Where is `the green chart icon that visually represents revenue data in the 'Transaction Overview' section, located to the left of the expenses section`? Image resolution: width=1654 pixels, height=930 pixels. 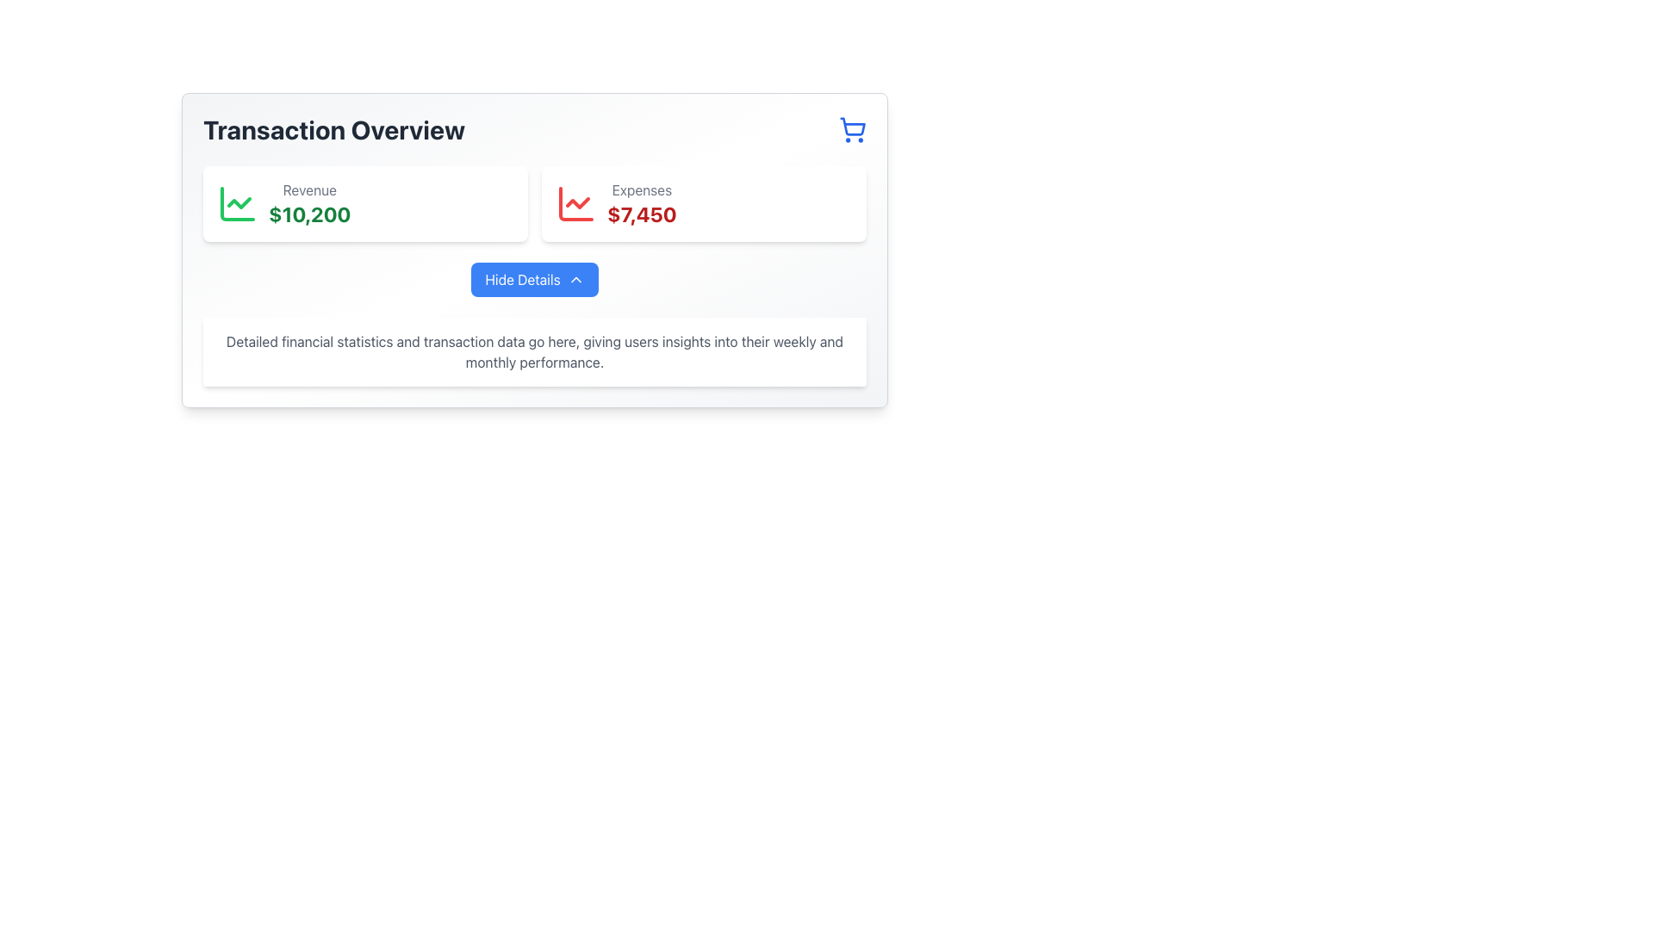
the green chart icon that visually represents revenue data in the 'Transaction Overview' section, located to the left of the expenses section is located at coordinates (236, 202).